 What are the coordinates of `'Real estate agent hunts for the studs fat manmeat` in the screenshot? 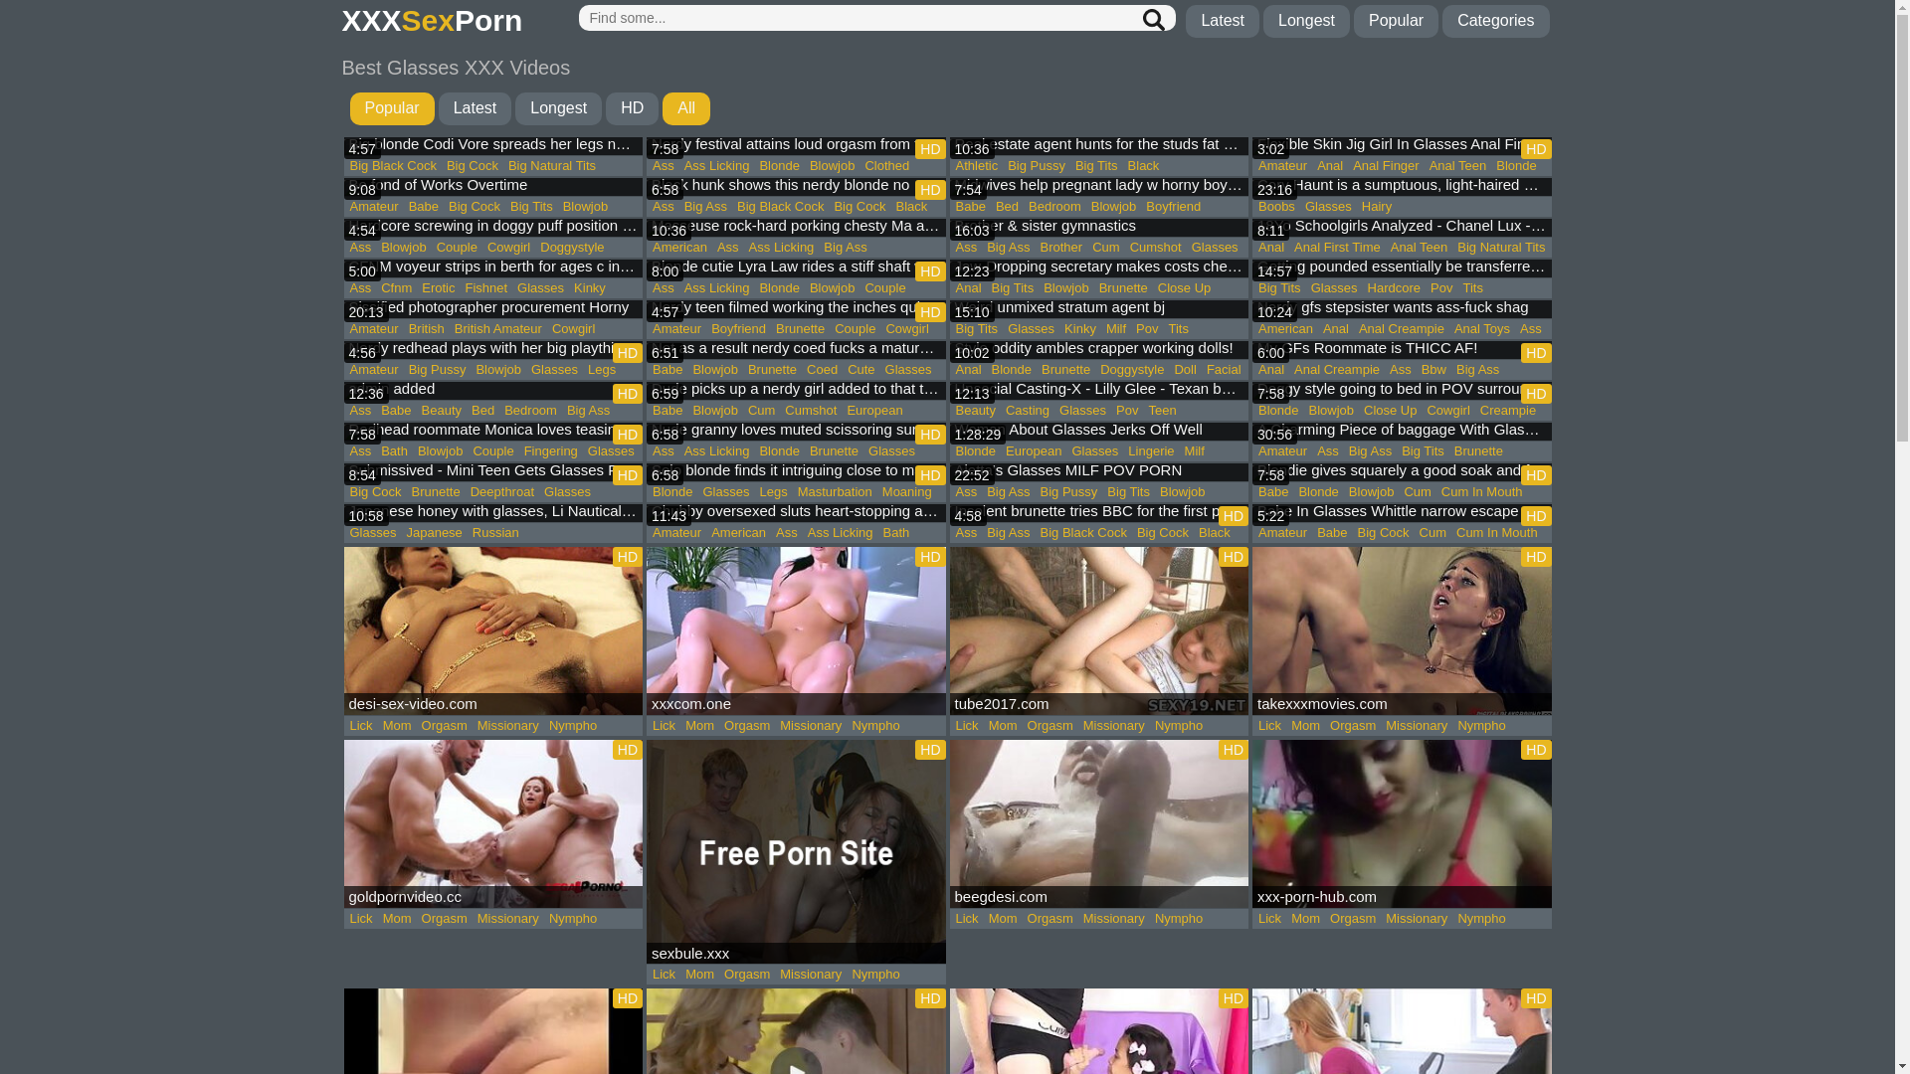 It's located at (1097, 145).